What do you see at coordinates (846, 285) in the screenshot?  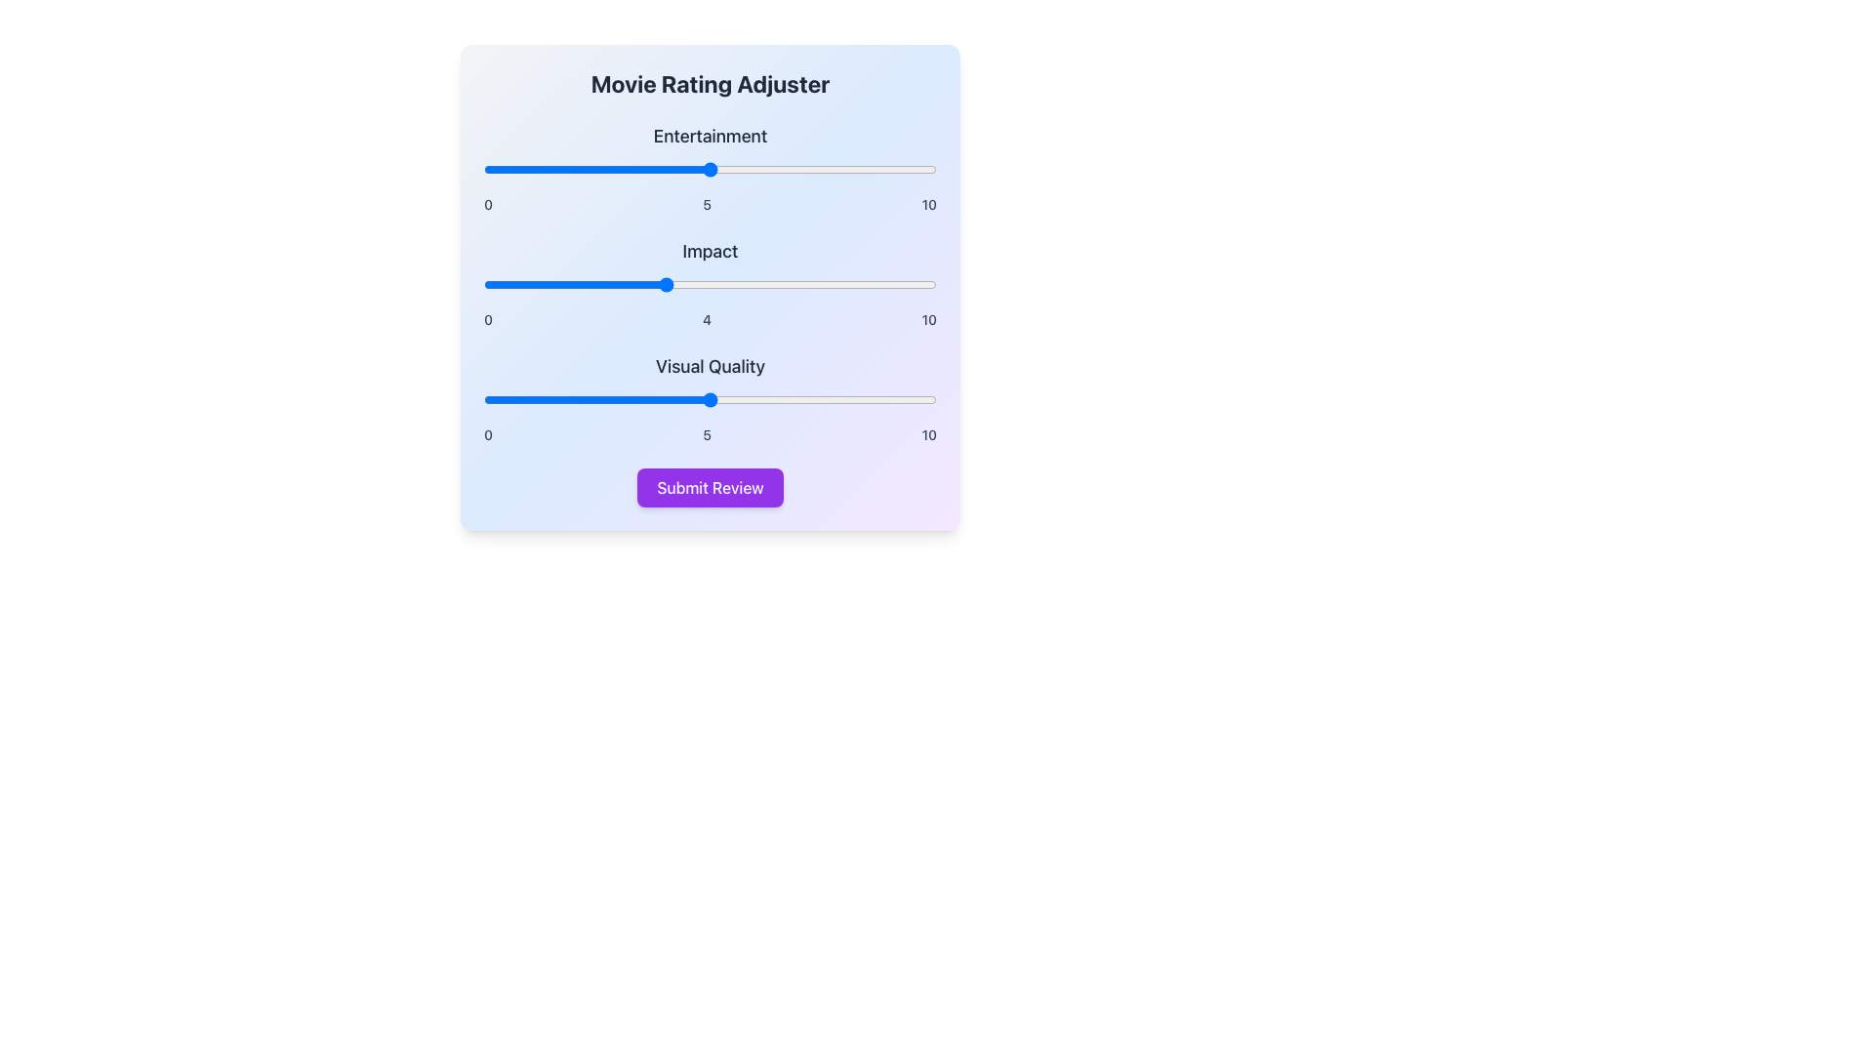 I see `the Impact slider value` at bounding box center [846, 285].